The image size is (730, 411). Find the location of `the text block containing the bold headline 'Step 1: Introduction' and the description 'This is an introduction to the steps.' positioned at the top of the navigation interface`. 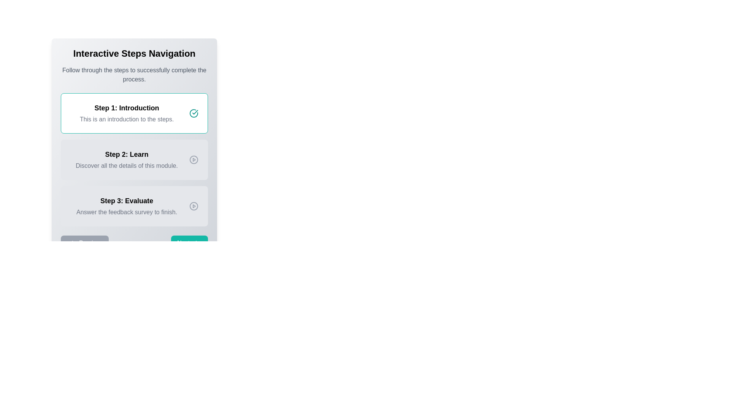

the text block containing the bold headline 'Step 1: Introduction' and the description 'This is an introduction to the steps.' positioned at the top of the navigation interface is located at coordinates (127, 113).